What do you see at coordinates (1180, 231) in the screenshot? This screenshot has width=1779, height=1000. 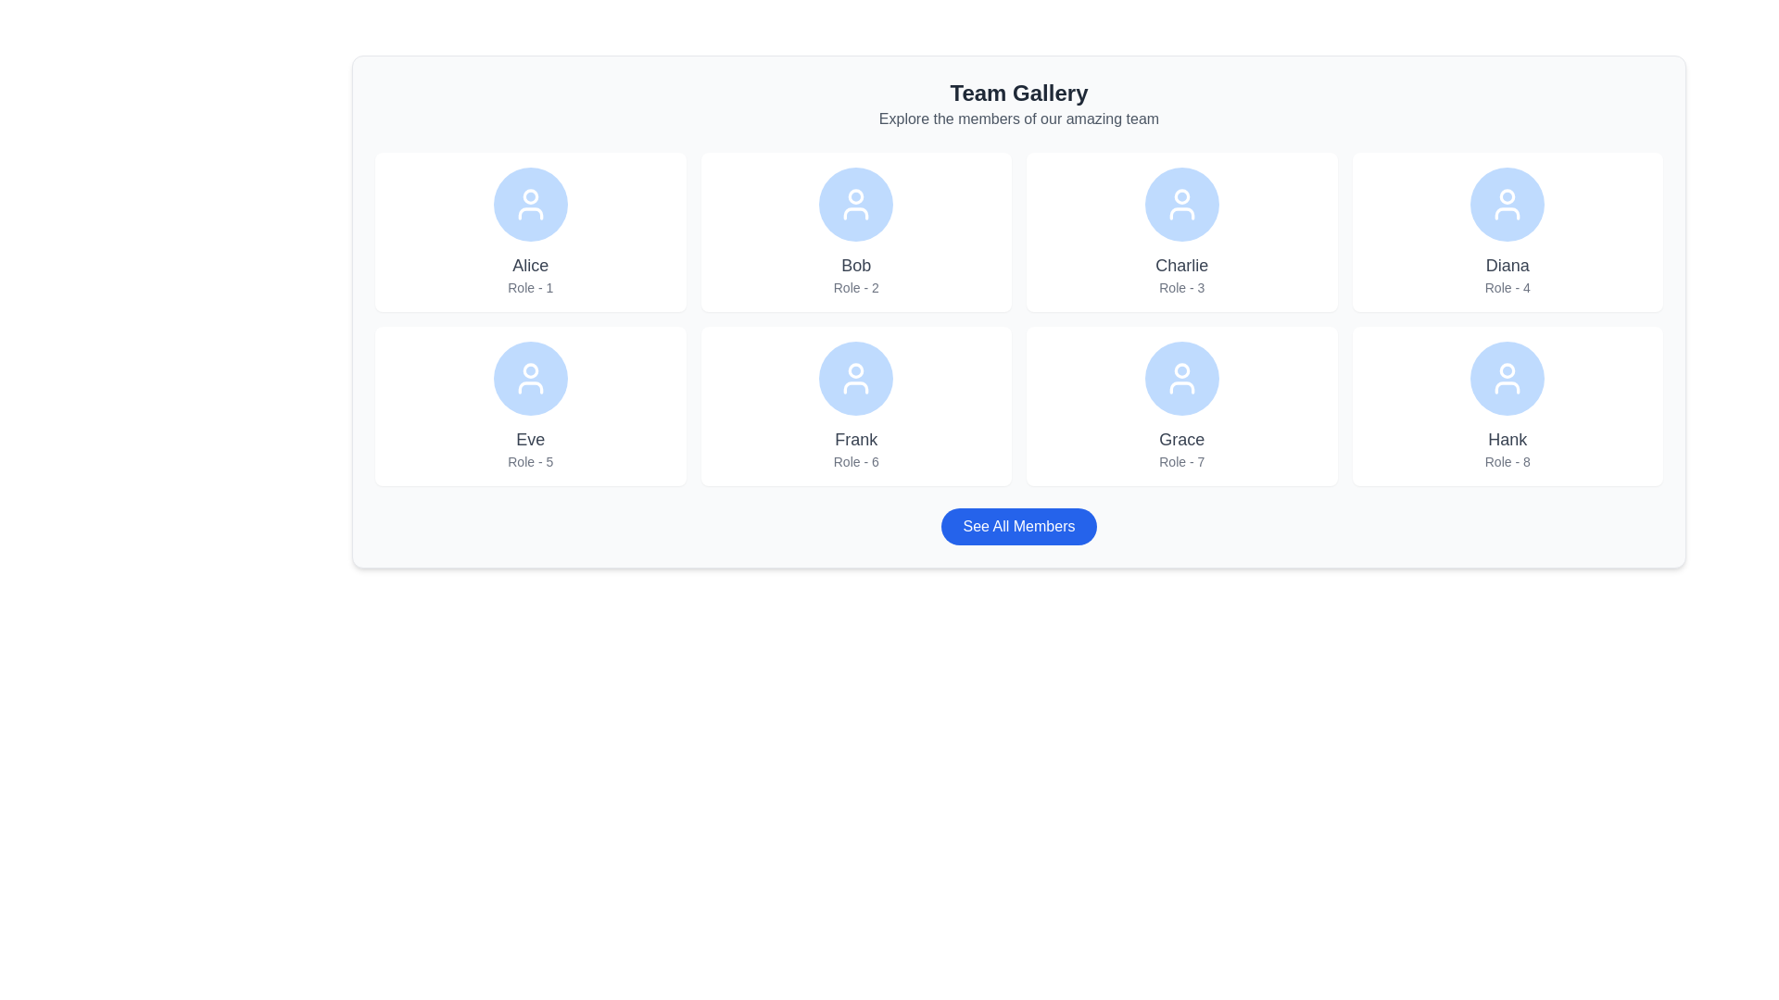 I see `the third user profile card in the grid layout, which displays a user's name and role, located in the first row and third column adjacent to 'Bob' and 'Diana'` at bounding box center [1180, 231].